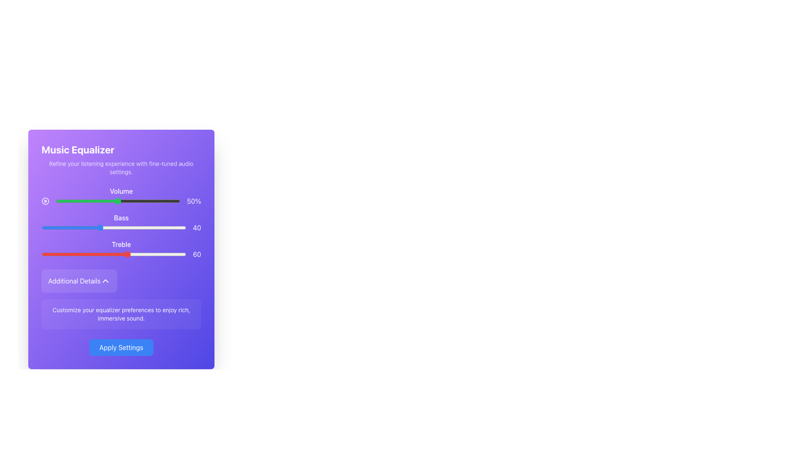  Describe the element at coordinates (92, 201) in the screenshot. I see `the slider` at that location.